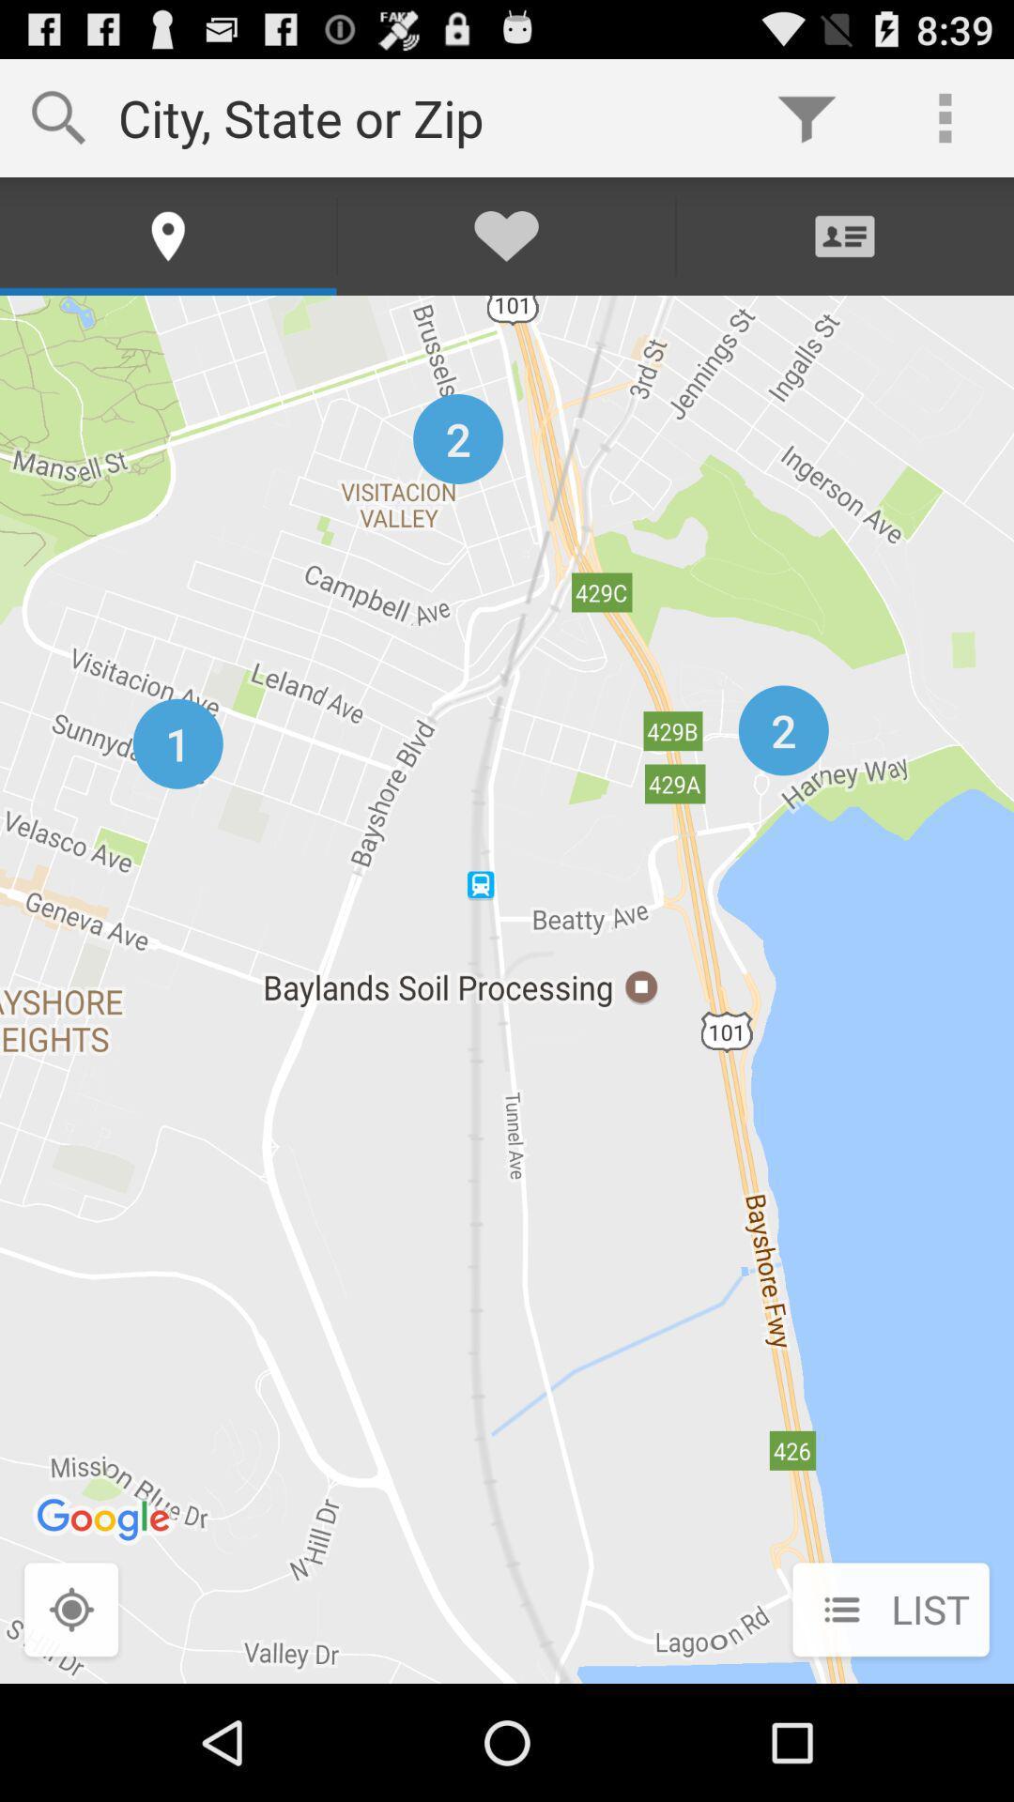 The width and height of the screenshot is (1014, 1802). Describe the element at coordinates (890, 1611) in the screenshot. I see `the list button` at that location.